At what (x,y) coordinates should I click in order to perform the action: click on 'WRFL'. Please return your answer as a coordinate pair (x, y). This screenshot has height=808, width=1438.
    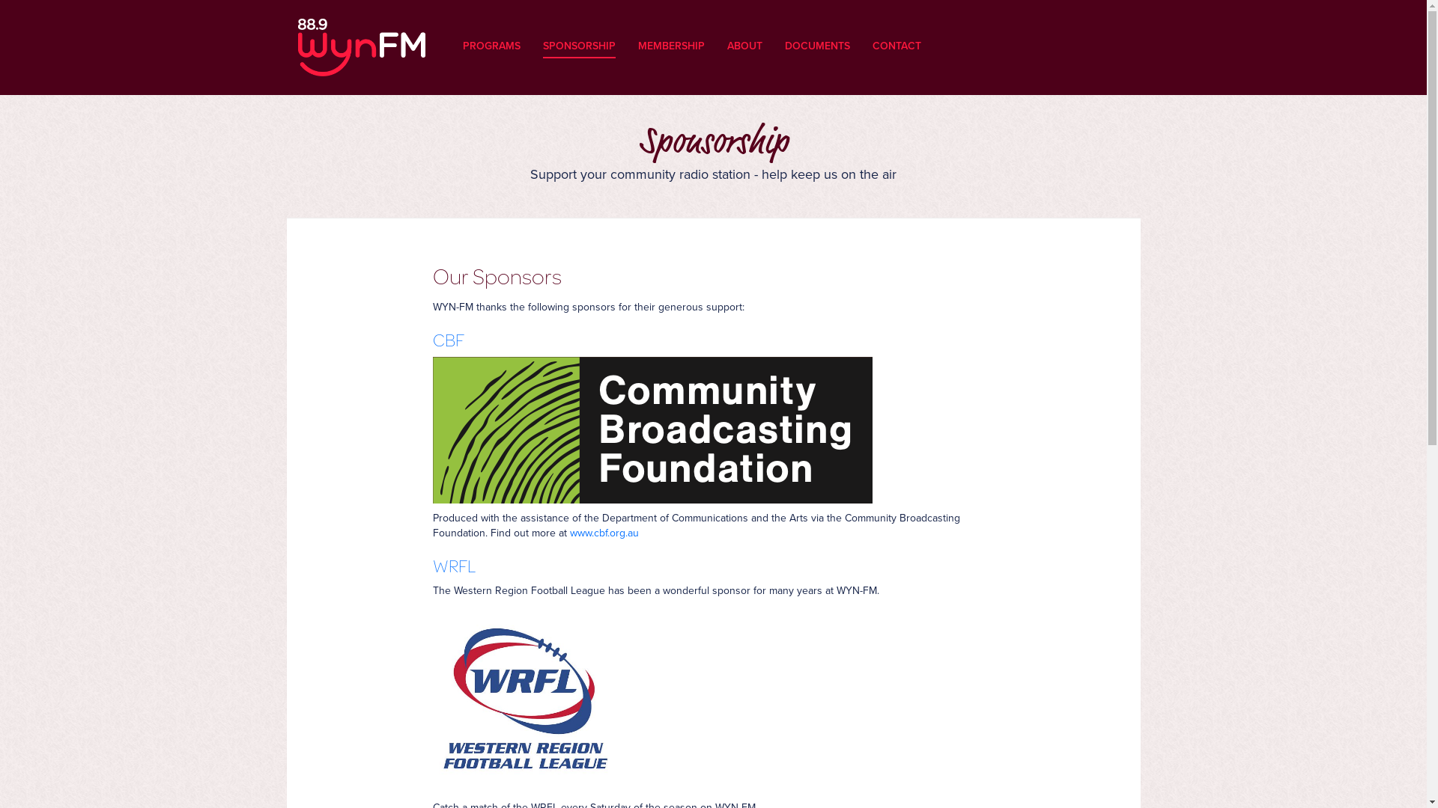
    Looking at the image, I should click on (431, 566).